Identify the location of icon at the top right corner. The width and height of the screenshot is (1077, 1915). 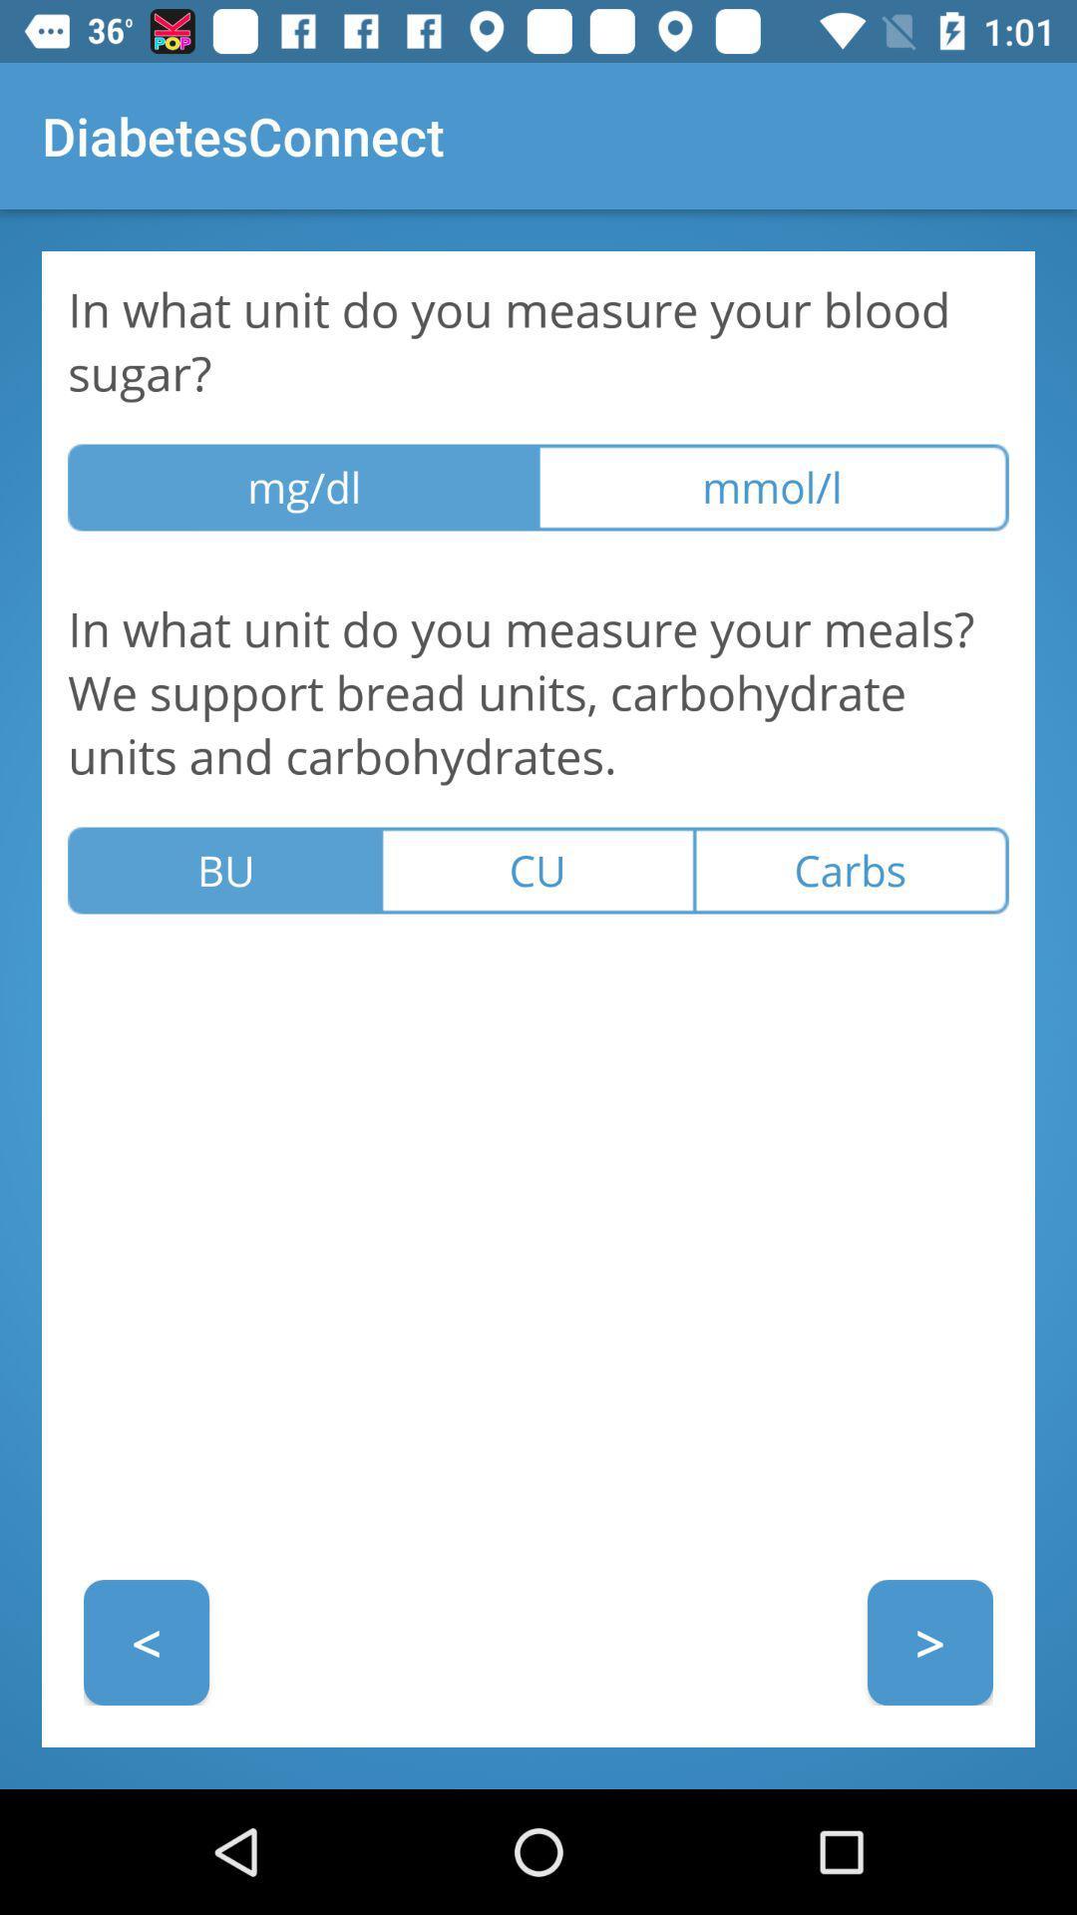
(772, 488).